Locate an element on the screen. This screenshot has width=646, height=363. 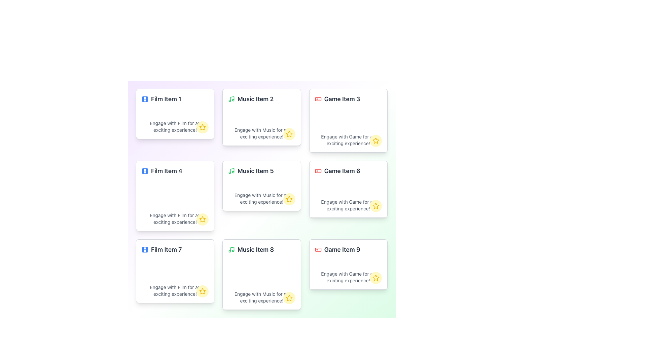
the text 'Engage with Music for an exciting experience!' located at the bottom of the card labeled 'Music Item 8' is located at coordinates (261, 297).